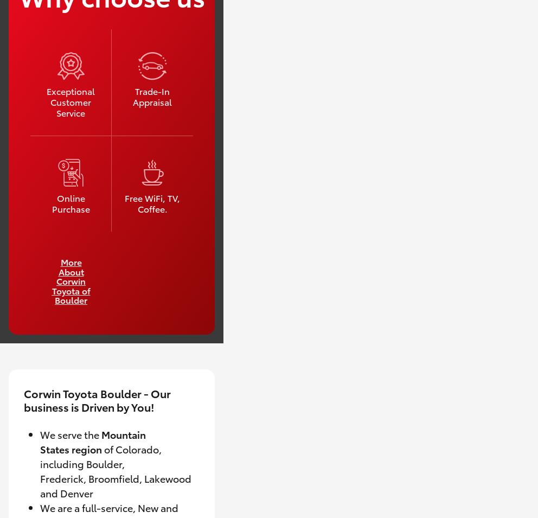 The image size is (538, 518). I want to click on 'Broomfield, Lakewood and Denver', so click(116, 485).